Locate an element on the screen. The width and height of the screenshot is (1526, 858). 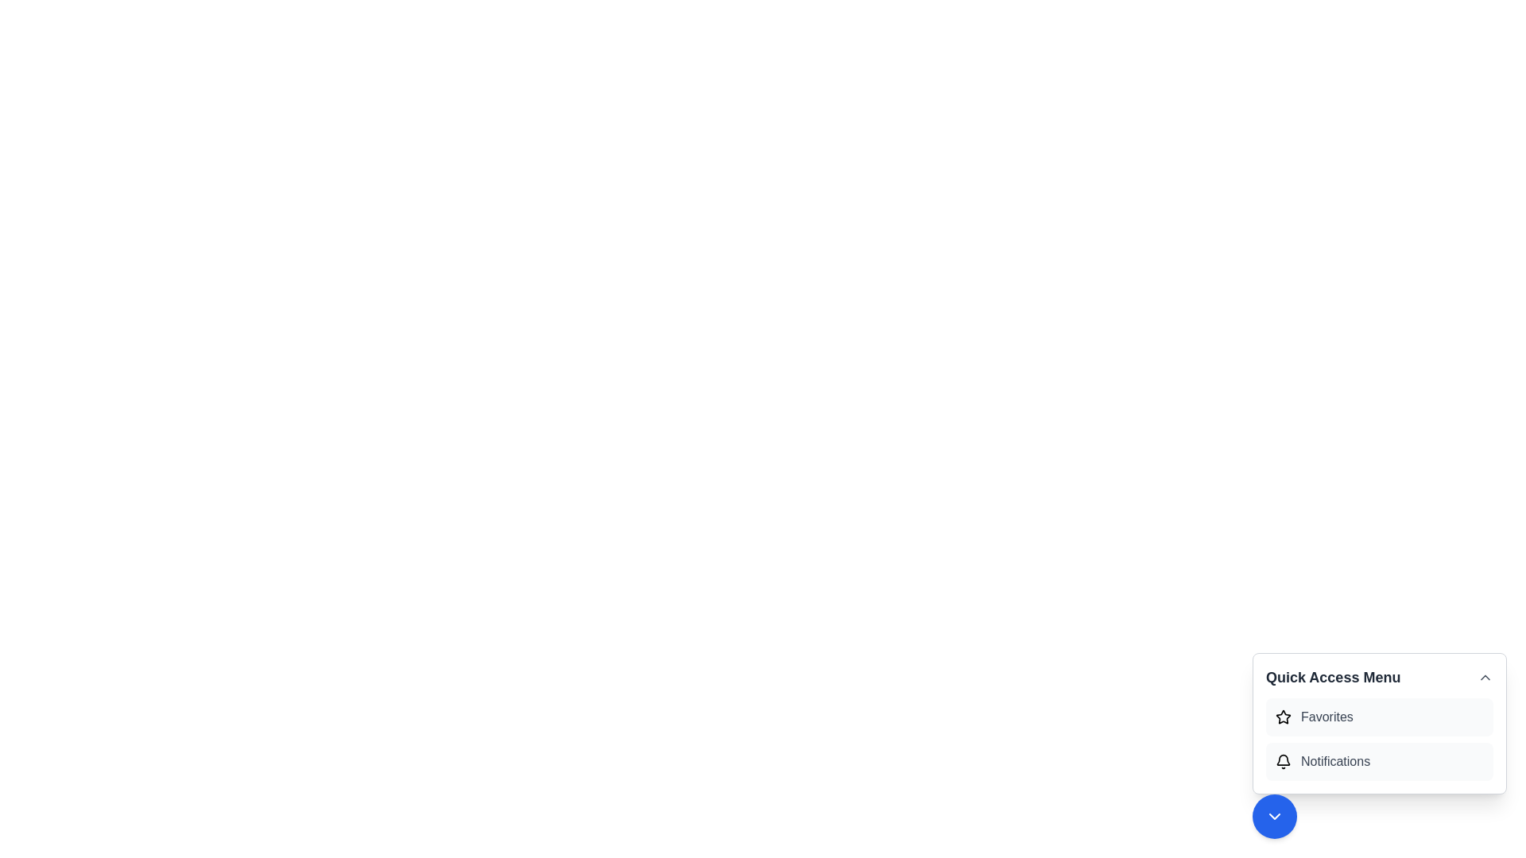
the 'Notifications' text label in the 'Quick Access Menu', which is the second entry below 'Favorites' is located at coordinates (1335, 761).